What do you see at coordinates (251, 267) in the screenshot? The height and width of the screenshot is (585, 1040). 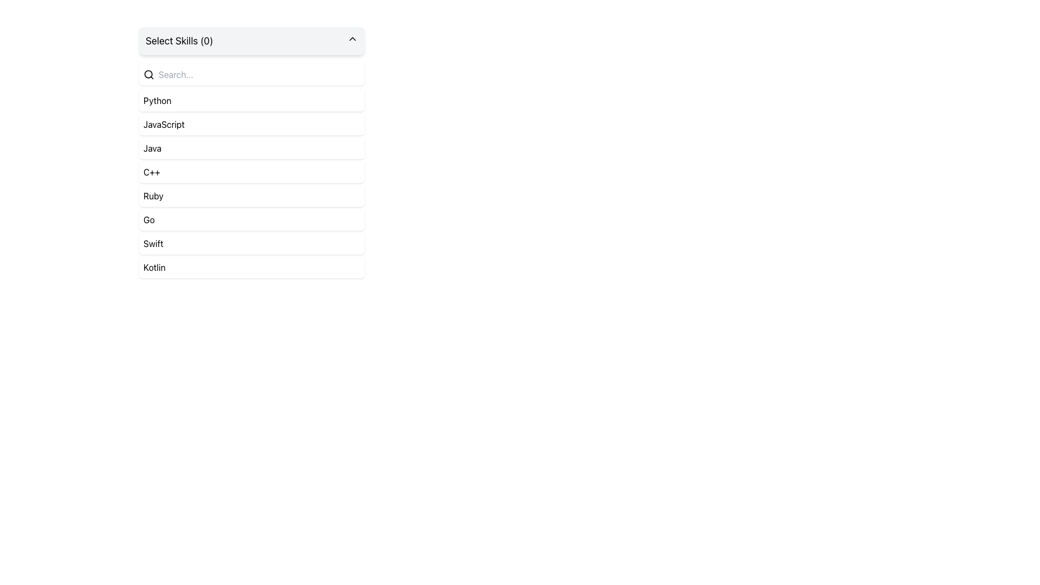 I see `the last option of the dropdown menu representing the Kotlin programming language, which is located below the Swift option` at bounding box center [251, 267].